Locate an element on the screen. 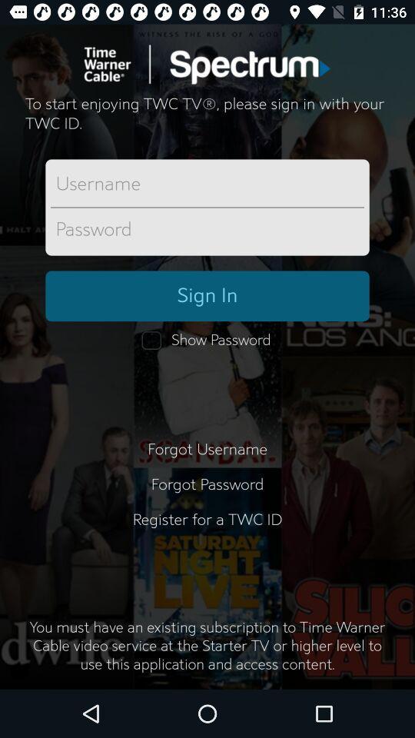 Image resolution: width=415 pixels, height=738 pixels. the forgot password item is located at coordinates (207, 484).